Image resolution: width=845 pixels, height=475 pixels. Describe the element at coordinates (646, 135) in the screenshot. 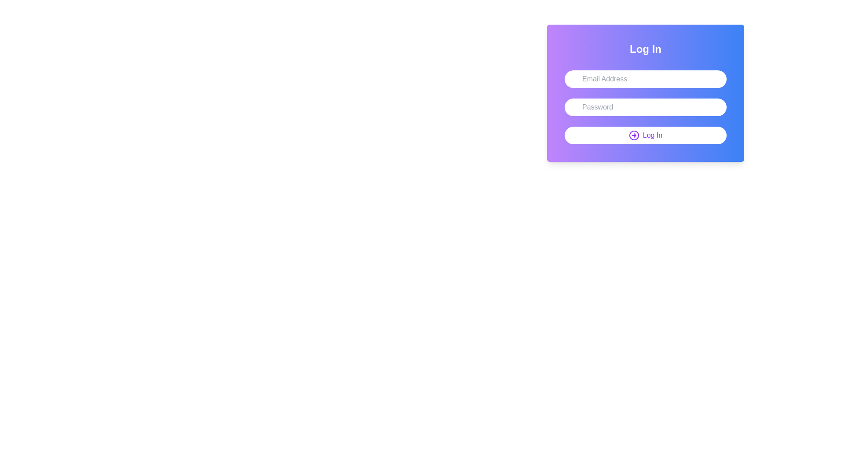

I see `the 'Log In' button, which is a rounded white button with purple text and an icon` at that location.